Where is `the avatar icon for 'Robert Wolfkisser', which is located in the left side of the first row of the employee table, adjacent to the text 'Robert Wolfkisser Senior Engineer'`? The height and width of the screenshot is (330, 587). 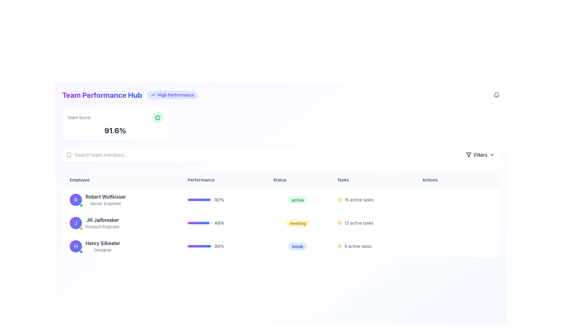 the avatar icon for 'Robert Wolfkisser', which is located in the left side of the first row of the employee table, adjacent to the text 'Robert Wolfkisser Senior Engineer' is located at coordinates (76, 200).